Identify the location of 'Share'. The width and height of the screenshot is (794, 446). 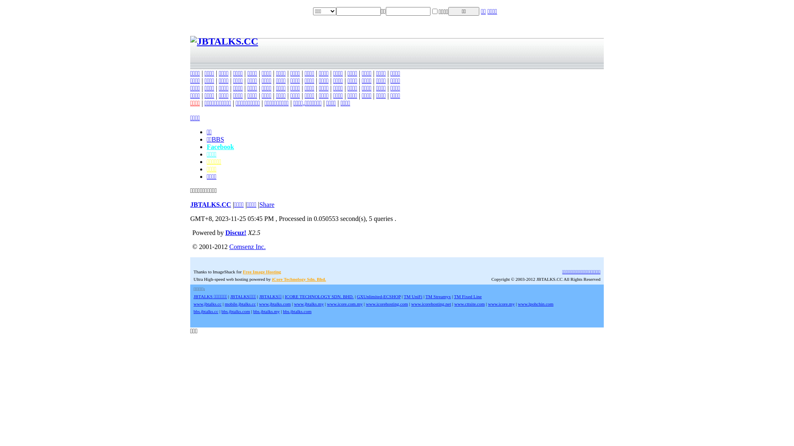
(266, 204).